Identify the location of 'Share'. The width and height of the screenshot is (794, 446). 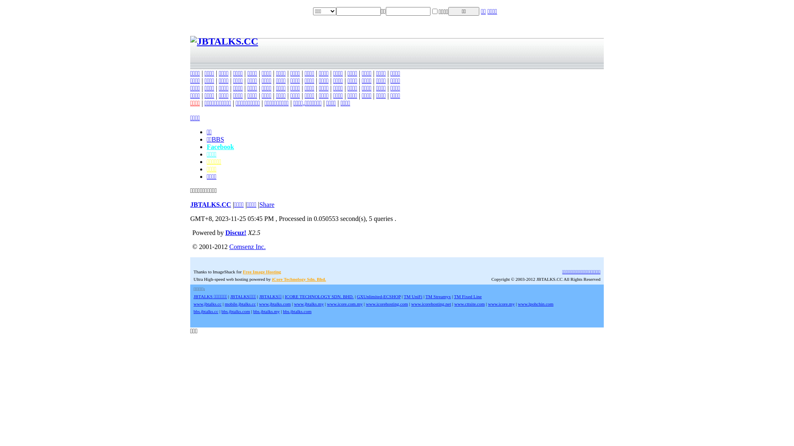
(266, 204).